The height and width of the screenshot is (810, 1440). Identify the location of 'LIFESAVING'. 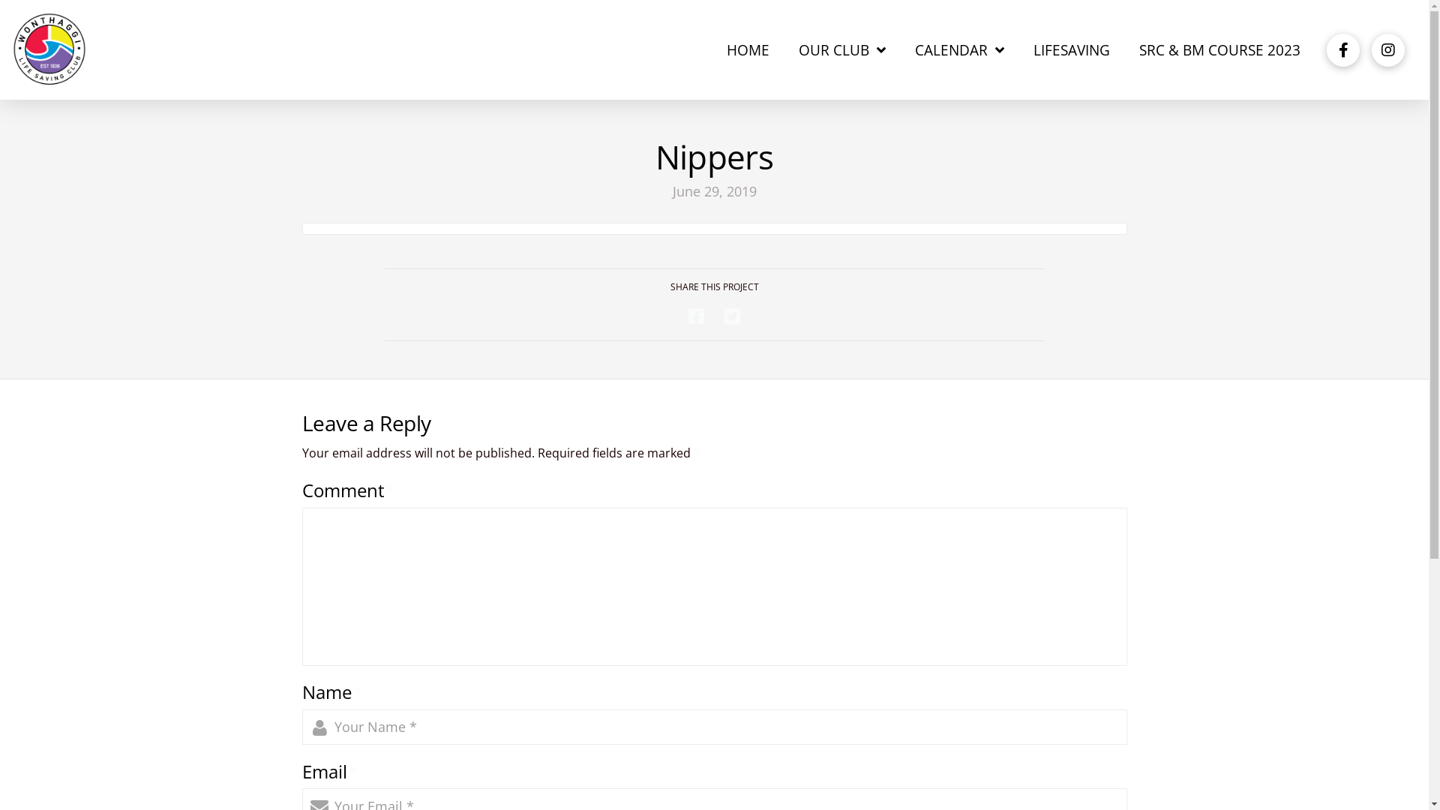
(1070, 49).